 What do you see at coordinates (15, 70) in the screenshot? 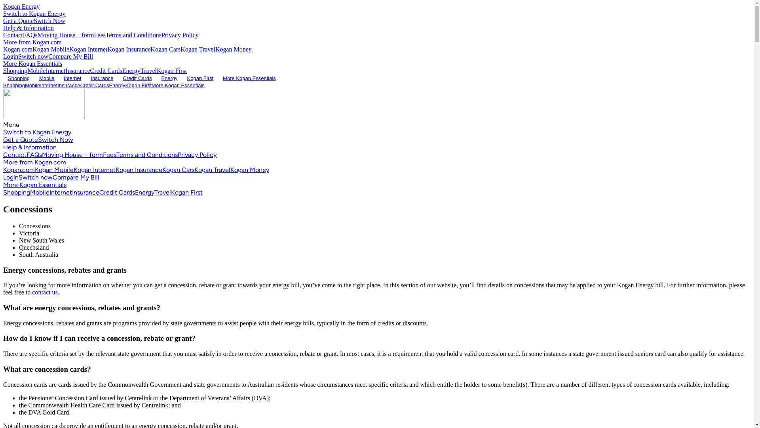
I see `'Shopping'` at bounding box center [15, 70].